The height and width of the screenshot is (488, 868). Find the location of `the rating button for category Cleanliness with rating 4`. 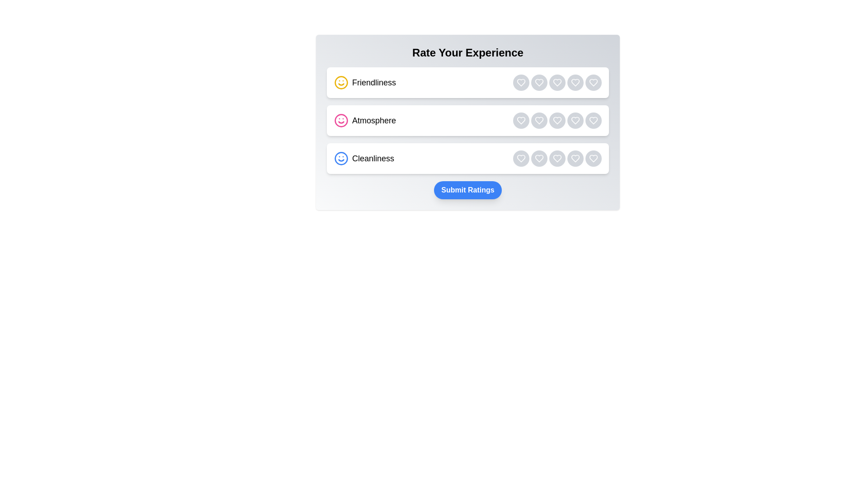

the rating button for category Cleanliness with rating 4 is located at coordinates (575, 158).